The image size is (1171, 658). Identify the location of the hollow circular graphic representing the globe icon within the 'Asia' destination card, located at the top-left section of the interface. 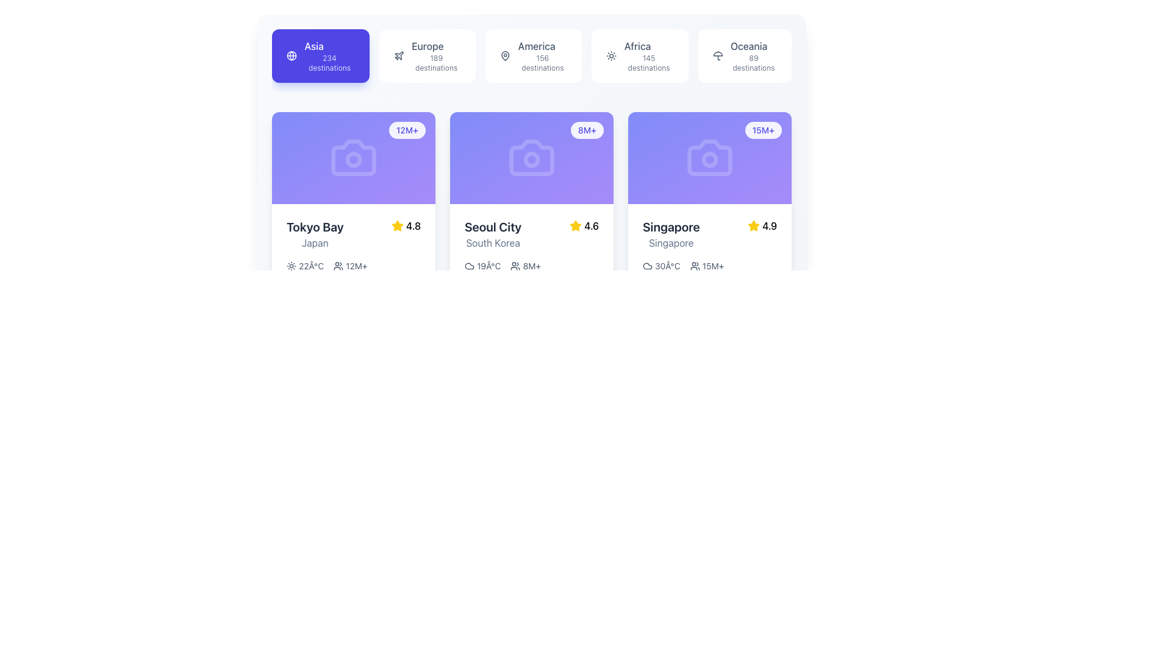
(291, 56).